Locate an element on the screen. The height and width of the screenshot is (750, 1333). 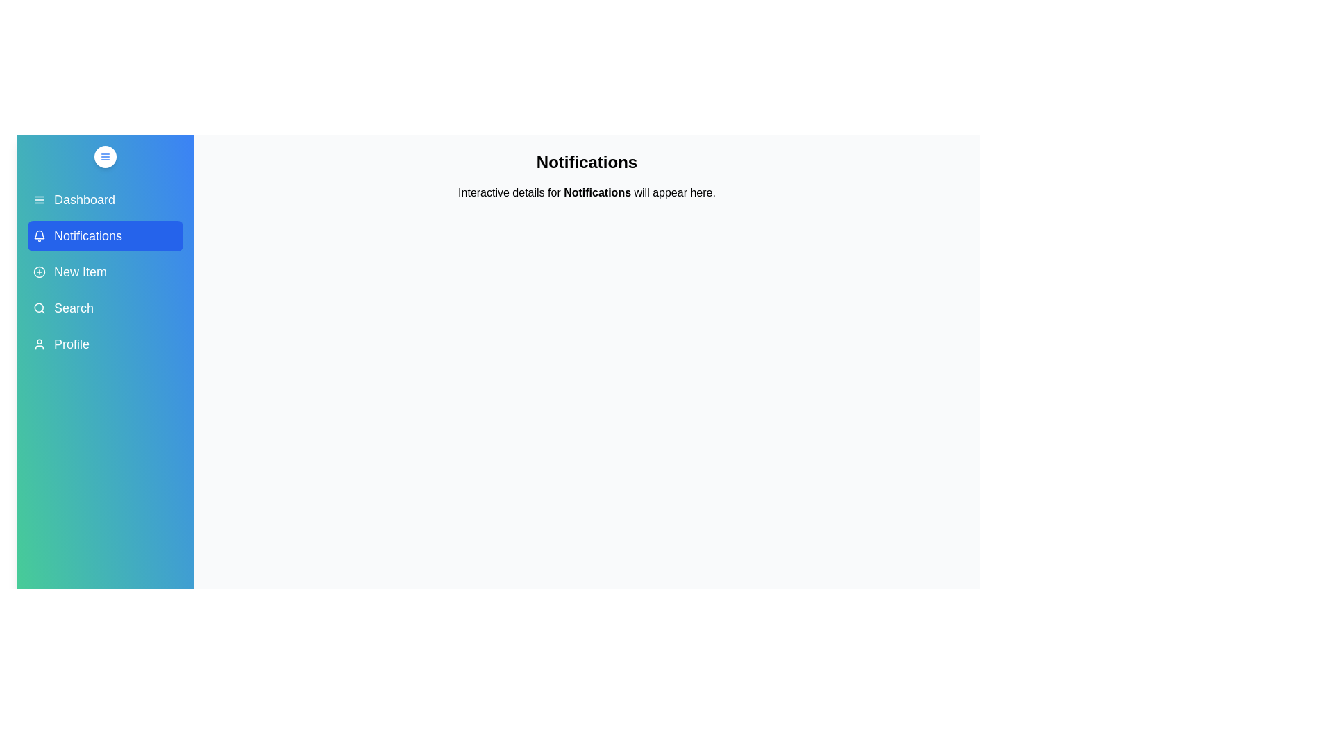
the menu item New Item in the sidebar to display its details is located at coordinates (105, 272).